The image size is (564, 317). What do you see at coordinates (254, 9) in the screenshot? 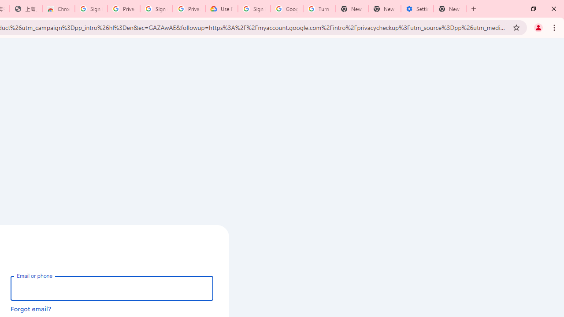
I see `'Sign in - Google Accounts'` at bounding box center [254, 9].